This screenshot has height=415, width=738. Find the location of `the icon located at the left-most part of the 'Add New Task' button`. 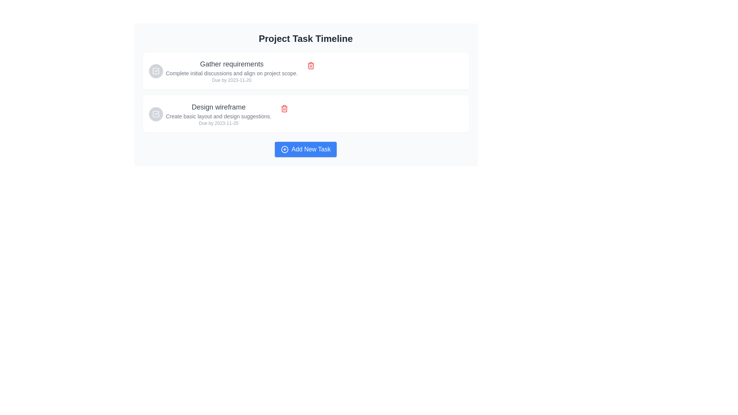

the icon located at the left-most part of the 'Add New Task' button is located at coordinates (284, 149).